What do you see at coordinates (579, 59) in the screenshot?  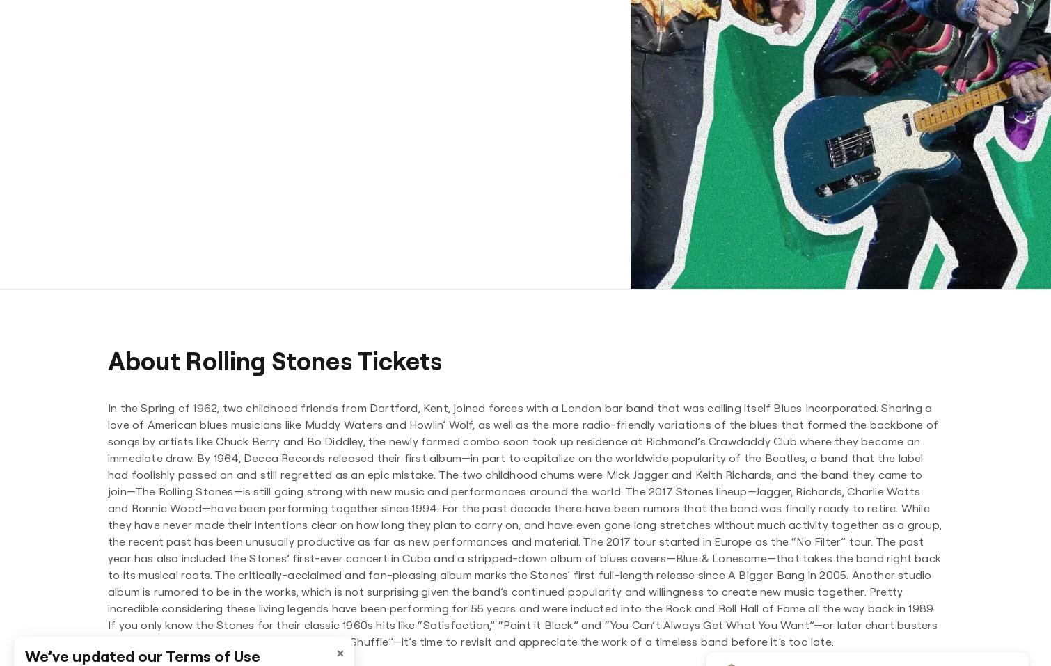 I see `'San Francisco'` at bounding box center [579, 59].